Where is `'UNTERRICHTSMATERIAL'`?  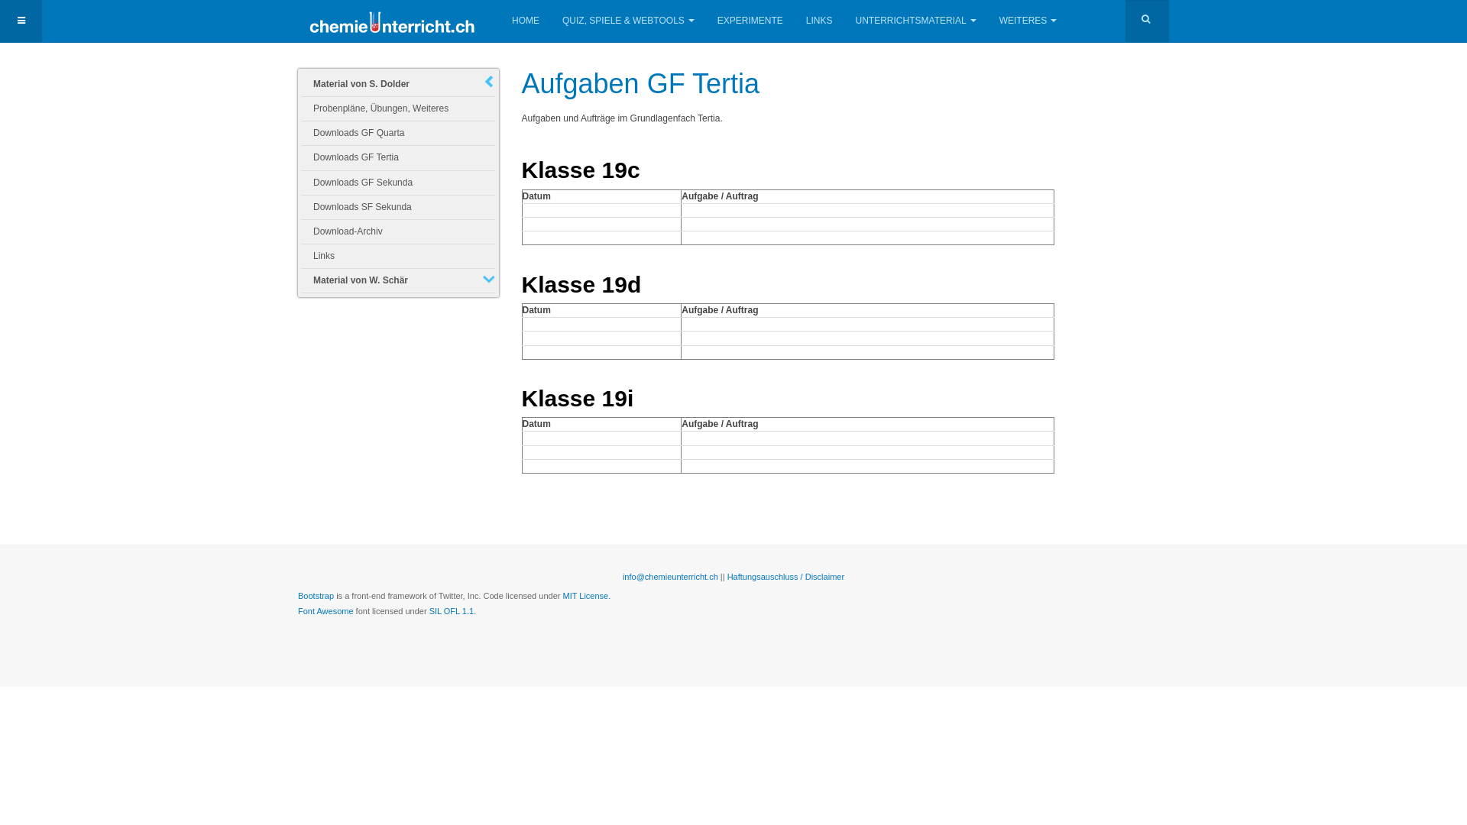 'UNTERRICHTSMATERIAL' is located at coordinates (916, 21).